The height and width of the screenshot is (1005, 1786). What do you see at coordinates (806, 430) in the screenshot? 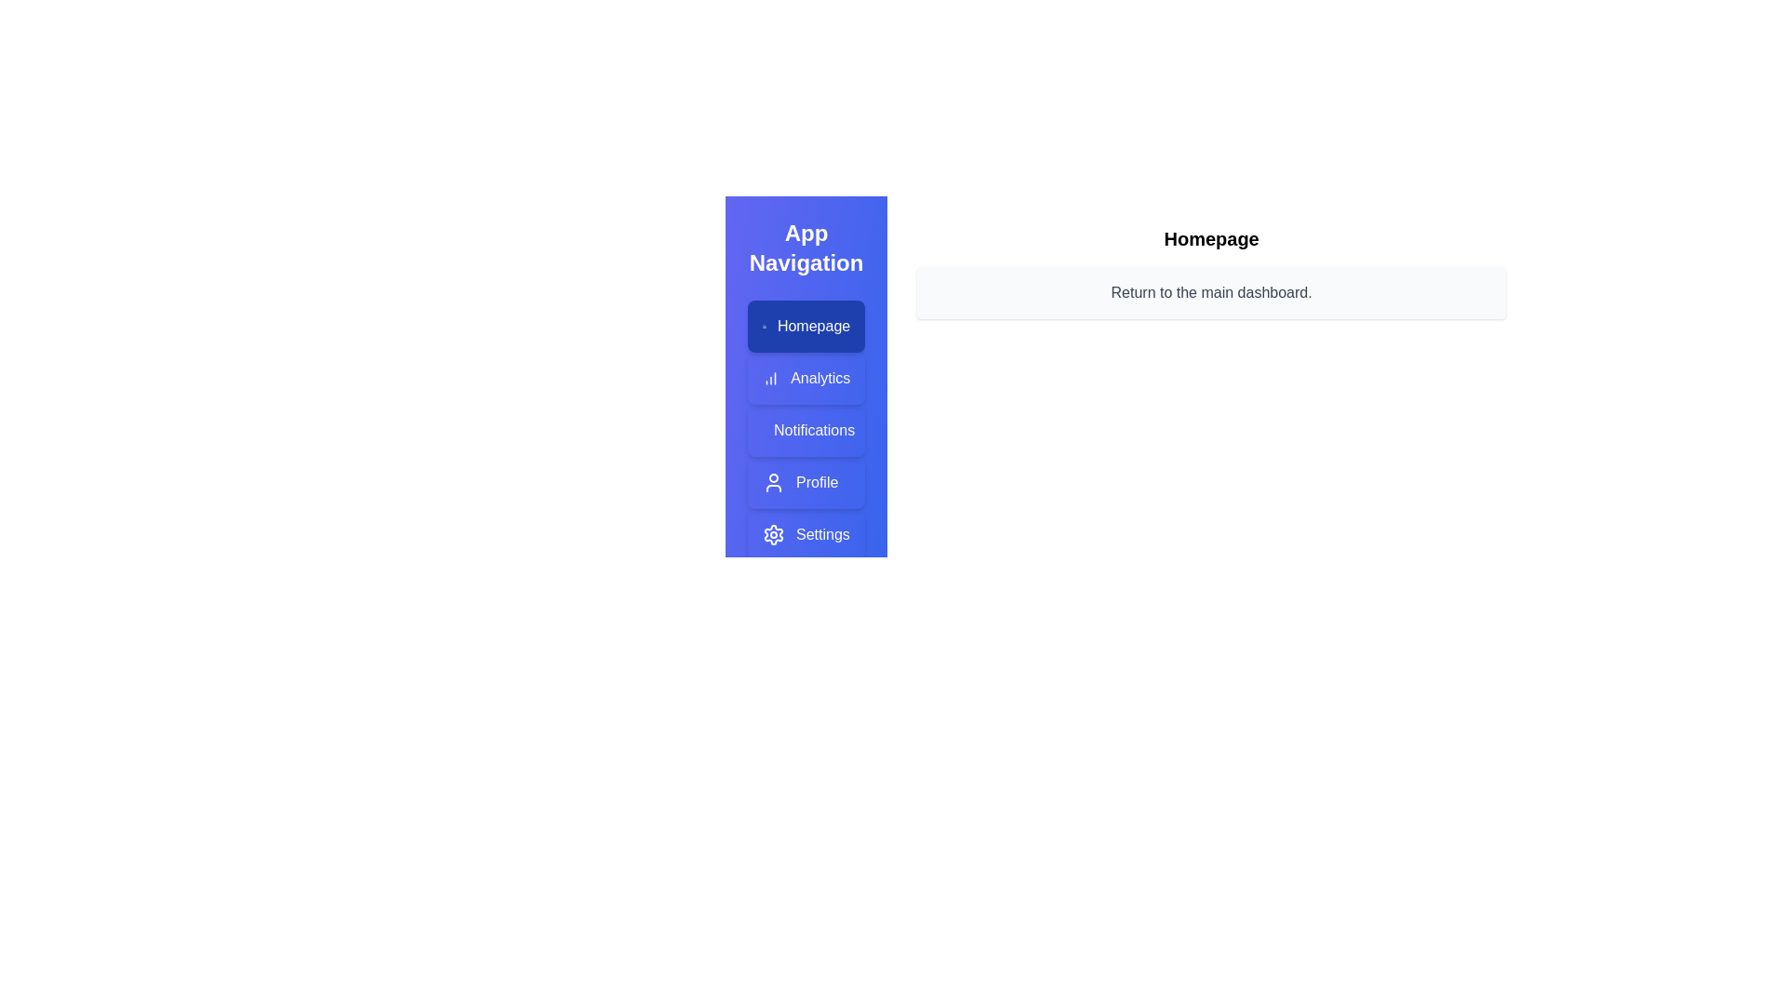
I see `the 'Notifications' navigation button, which is the third item in the vertical list of the 'App Navigation' menu, located on the left side of the viewport` at bounding box center [806, 430].